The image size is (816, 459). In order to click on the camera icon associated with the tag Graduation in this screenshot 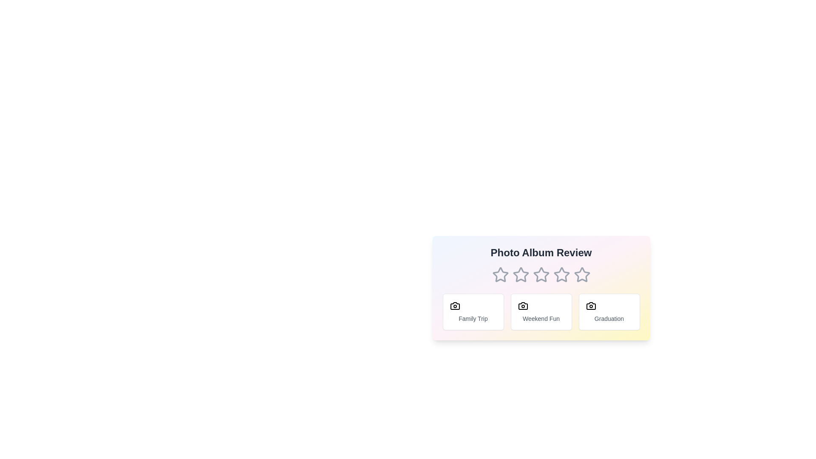, I will do `click(590, 306)`.